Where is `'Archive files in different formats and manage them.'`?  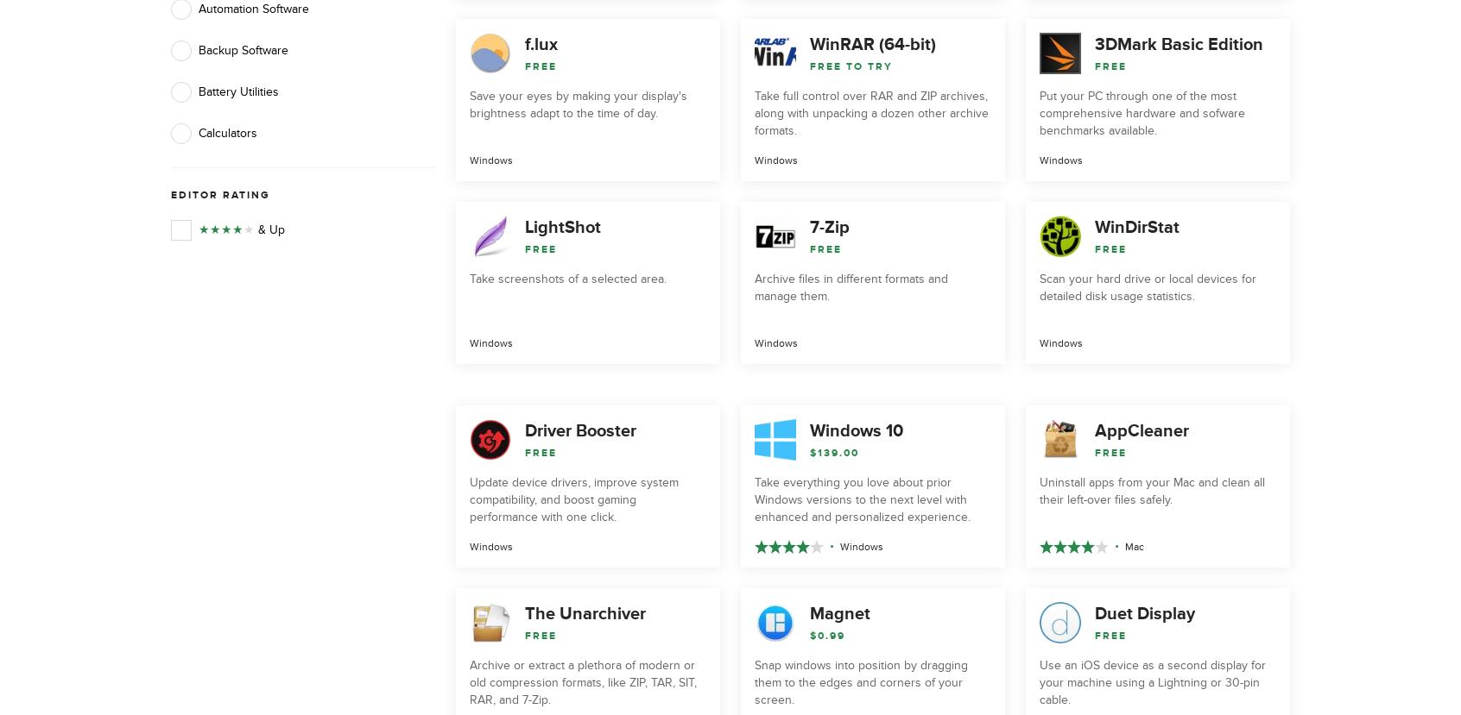
'Archive files in different formats and manage them.' is located at coordinates (851, 286).